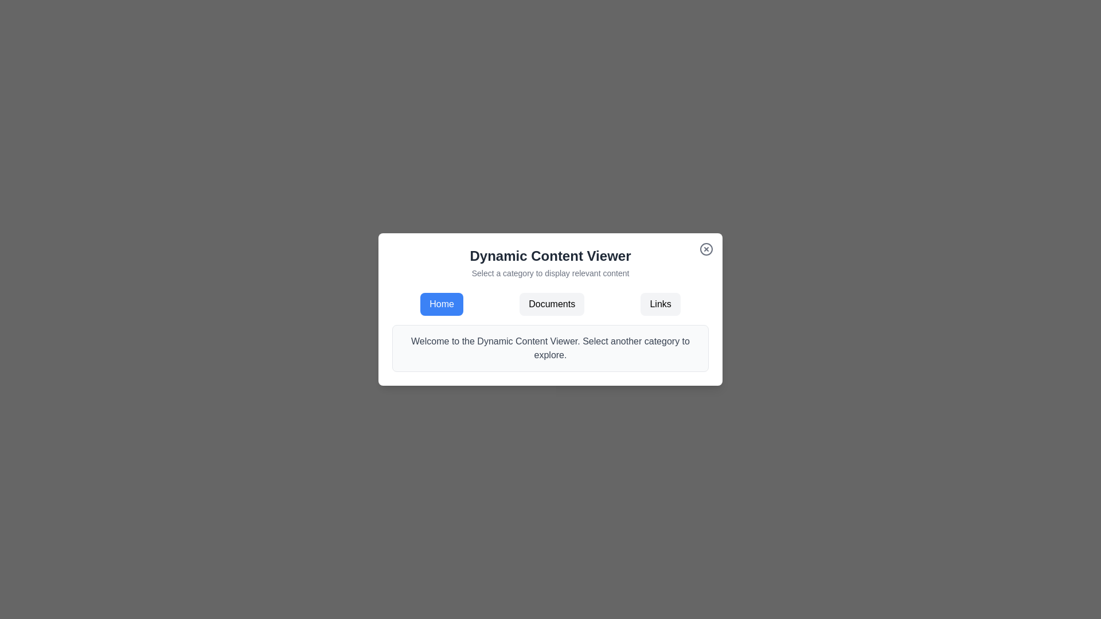 The image size is (1101, 619). I want to click on the rectangular button labeled 'Links' with a light gray background to change its background color to a slightly darker gray, so click(661, 304).